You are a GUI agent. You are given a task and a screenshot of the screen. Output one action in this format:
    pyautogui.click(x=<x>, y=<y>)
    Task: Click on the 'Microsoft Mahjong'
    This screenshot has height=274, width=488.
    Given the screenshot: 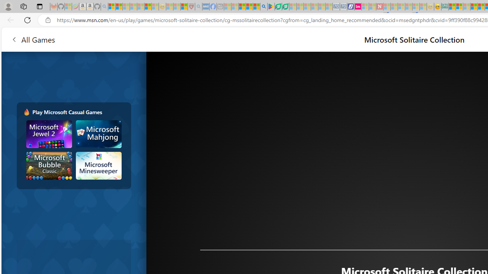 What is the action you would take?
    pyautogui.click(x=98, y=134)
    